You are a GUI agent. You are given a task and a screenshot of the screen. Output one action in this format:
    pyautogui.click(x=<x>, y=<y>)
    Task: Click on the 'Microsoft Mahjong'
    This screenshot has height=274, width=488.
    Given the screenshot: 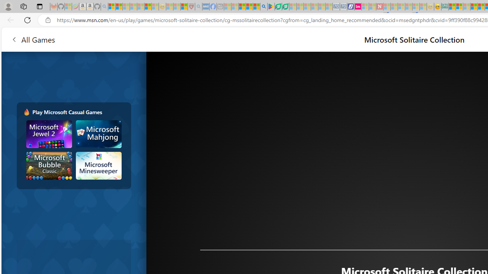 What is the action you would take?
    pyautogui.click(x=98, y=134)
    